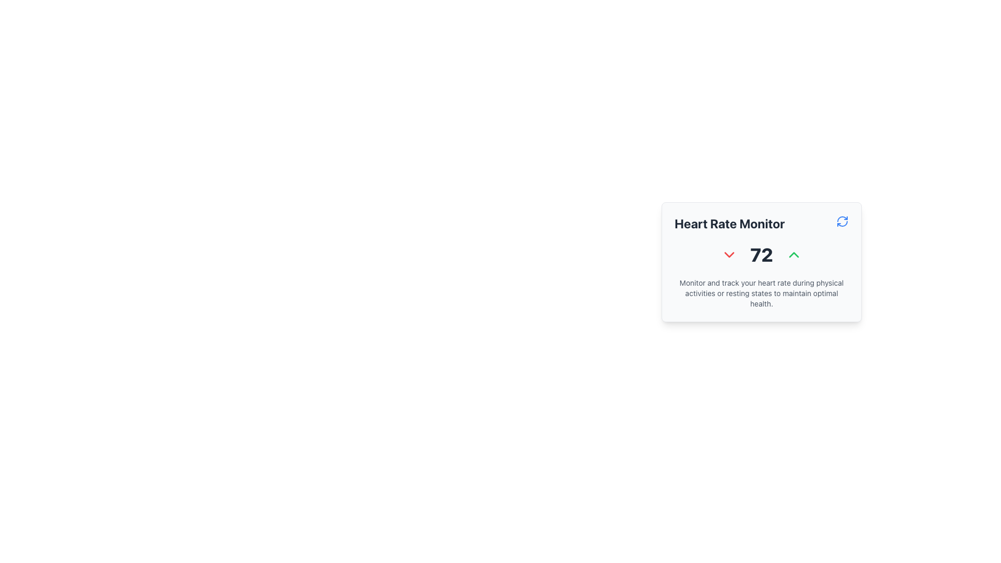 The height and width of the screenshot is (563, 1001). What do you see at coordinates (843, 223) in the screenshot?
I see `the bottom-right portion of the circular arrow icon representing a refresh or reload function in the heart rate monitoring card` at bounding box center [843, 223].